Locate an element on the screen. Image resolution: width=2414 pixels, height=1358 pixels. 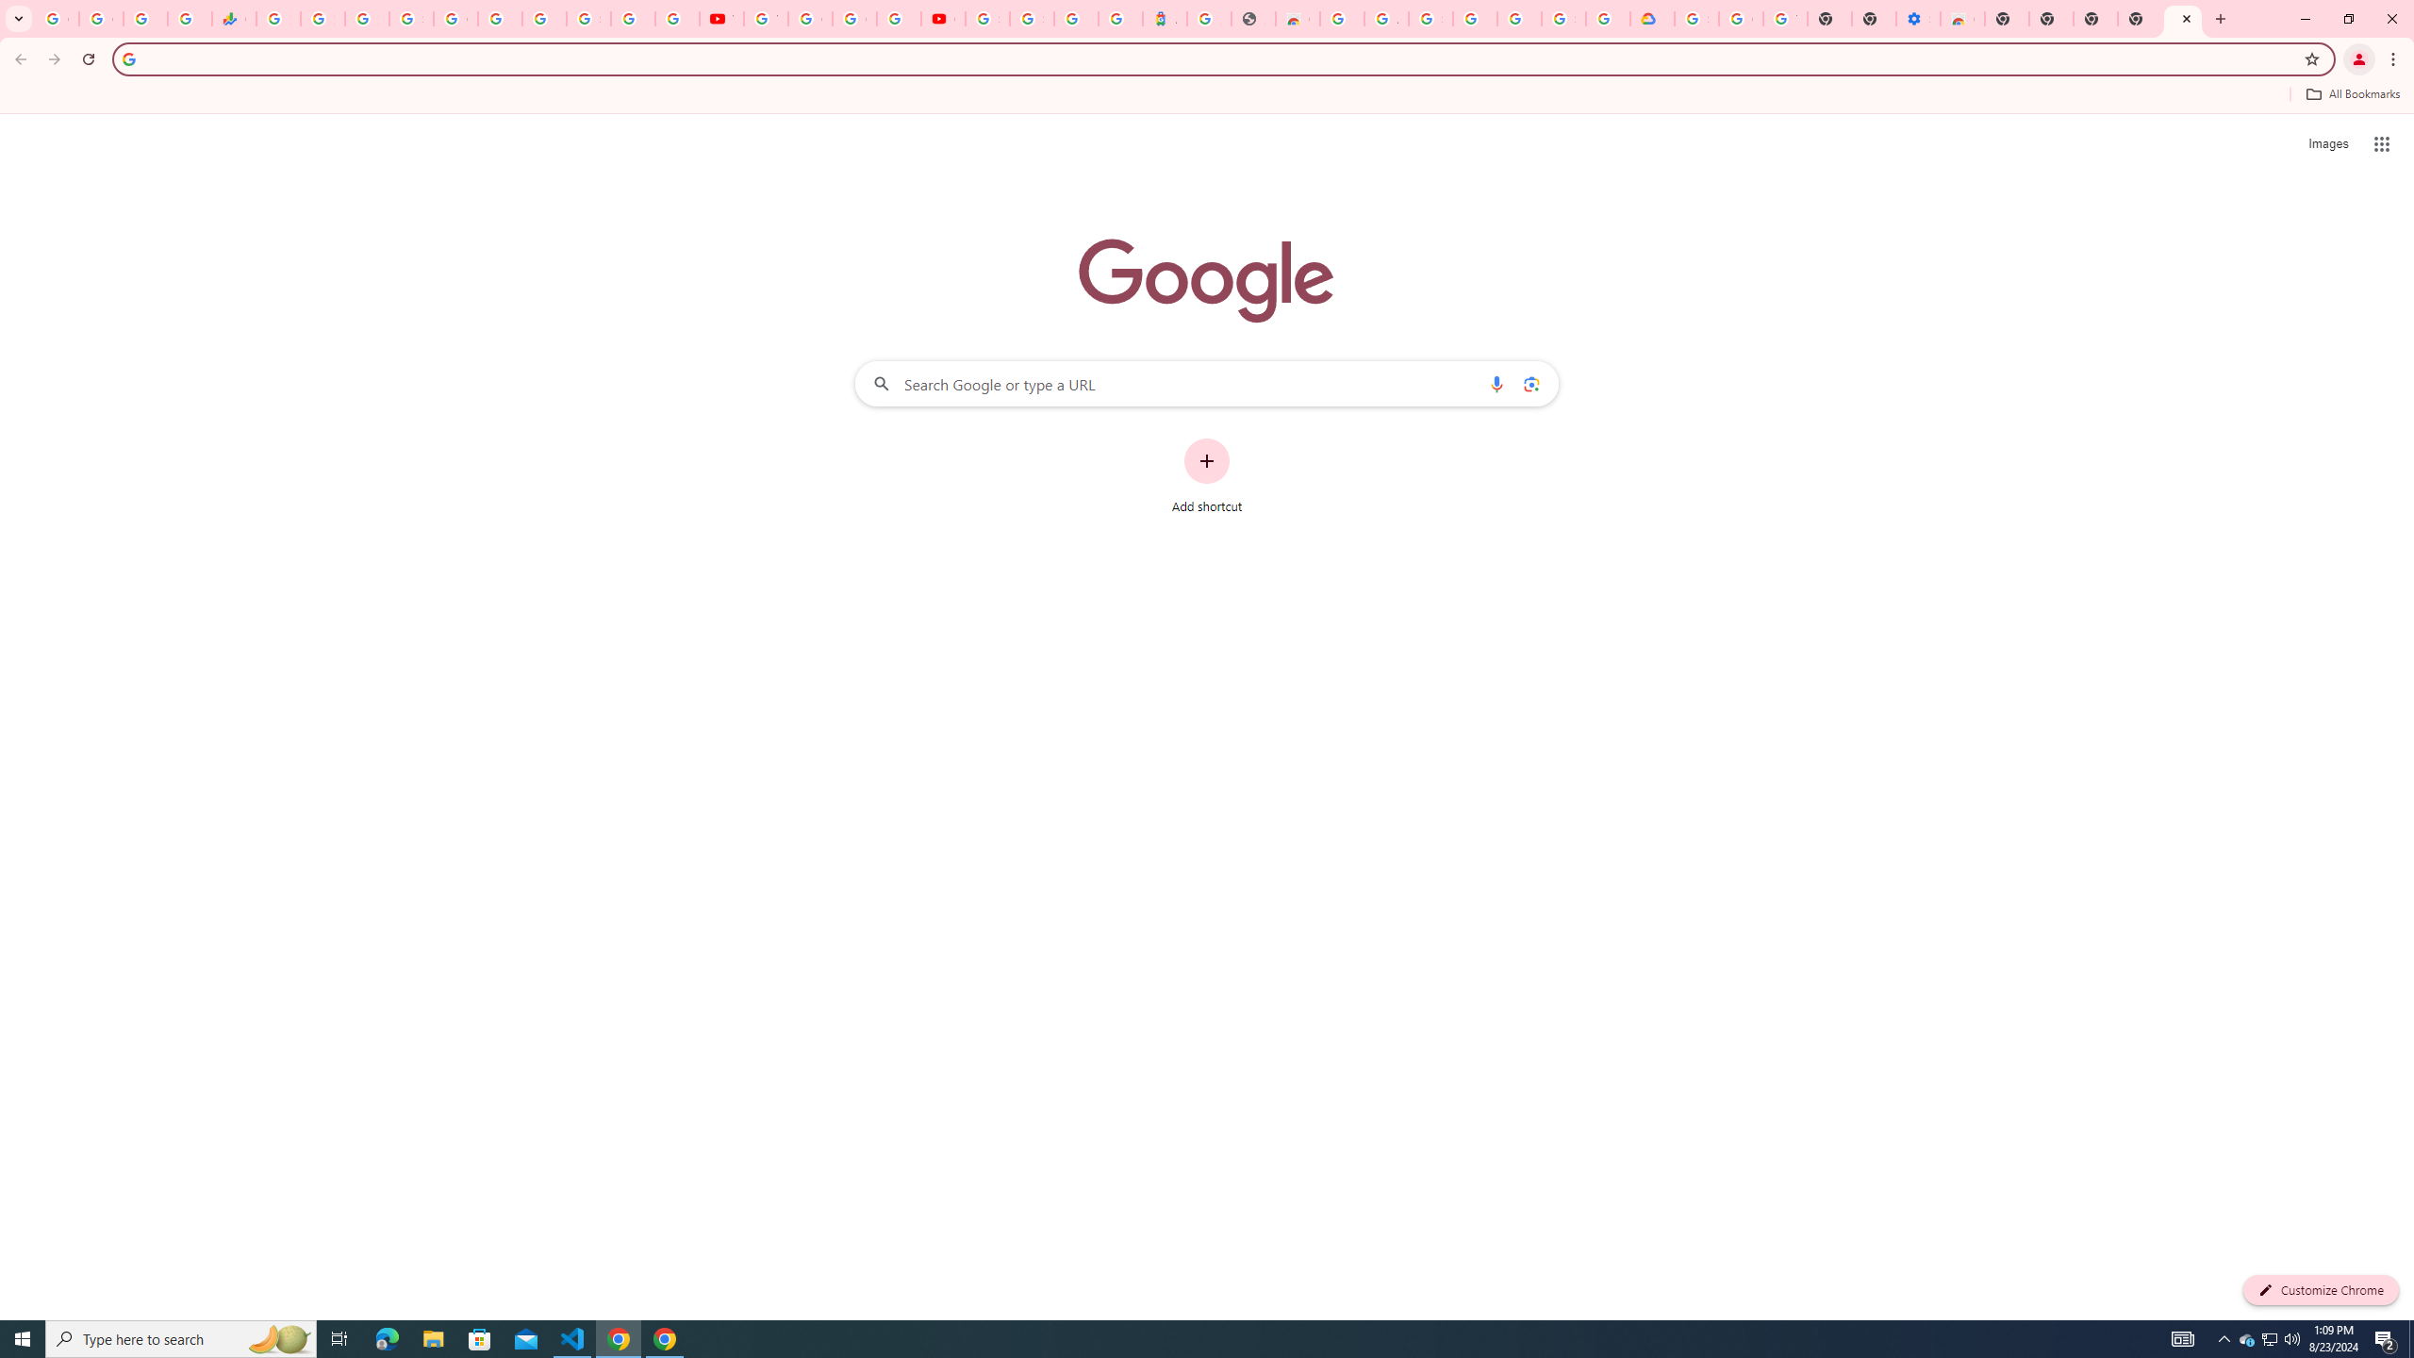
'Content Creator Programs & Opportunities - YouTube Creators' is located at coordinates (942, 18).